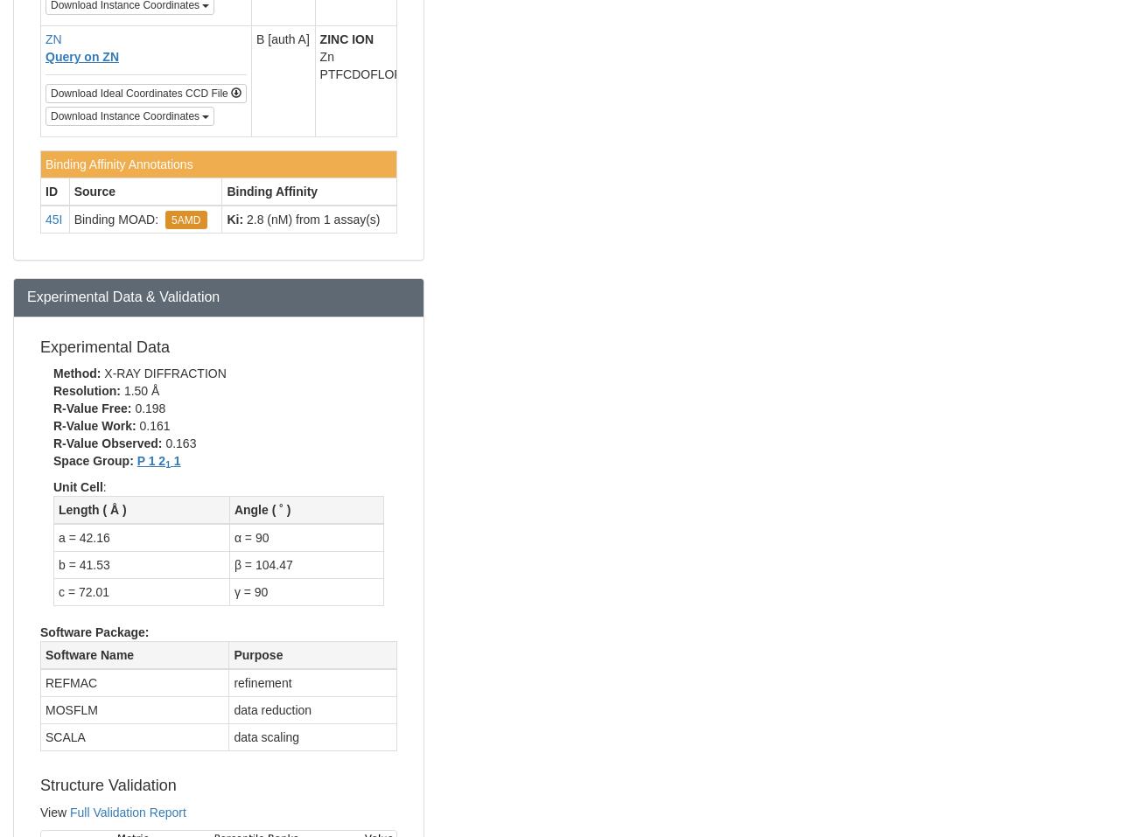  What do you see at coordinates (242, 217) in the screenshot?
I see `'2.8 (nM) from 1 assay(s)'` at bounding box center [242, 217].